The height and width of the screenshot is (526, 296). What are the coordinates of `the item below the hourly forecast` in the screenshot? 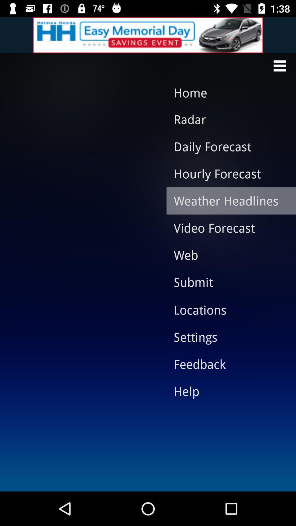 It's located at (227, 200).